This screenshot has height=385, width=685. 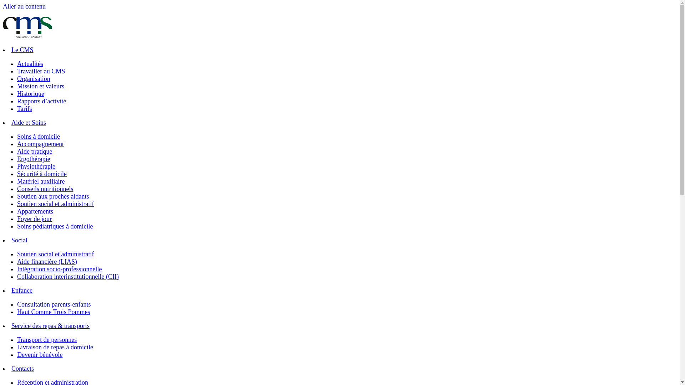 I want to click on 'Enfance', so click(x=22, y=290).